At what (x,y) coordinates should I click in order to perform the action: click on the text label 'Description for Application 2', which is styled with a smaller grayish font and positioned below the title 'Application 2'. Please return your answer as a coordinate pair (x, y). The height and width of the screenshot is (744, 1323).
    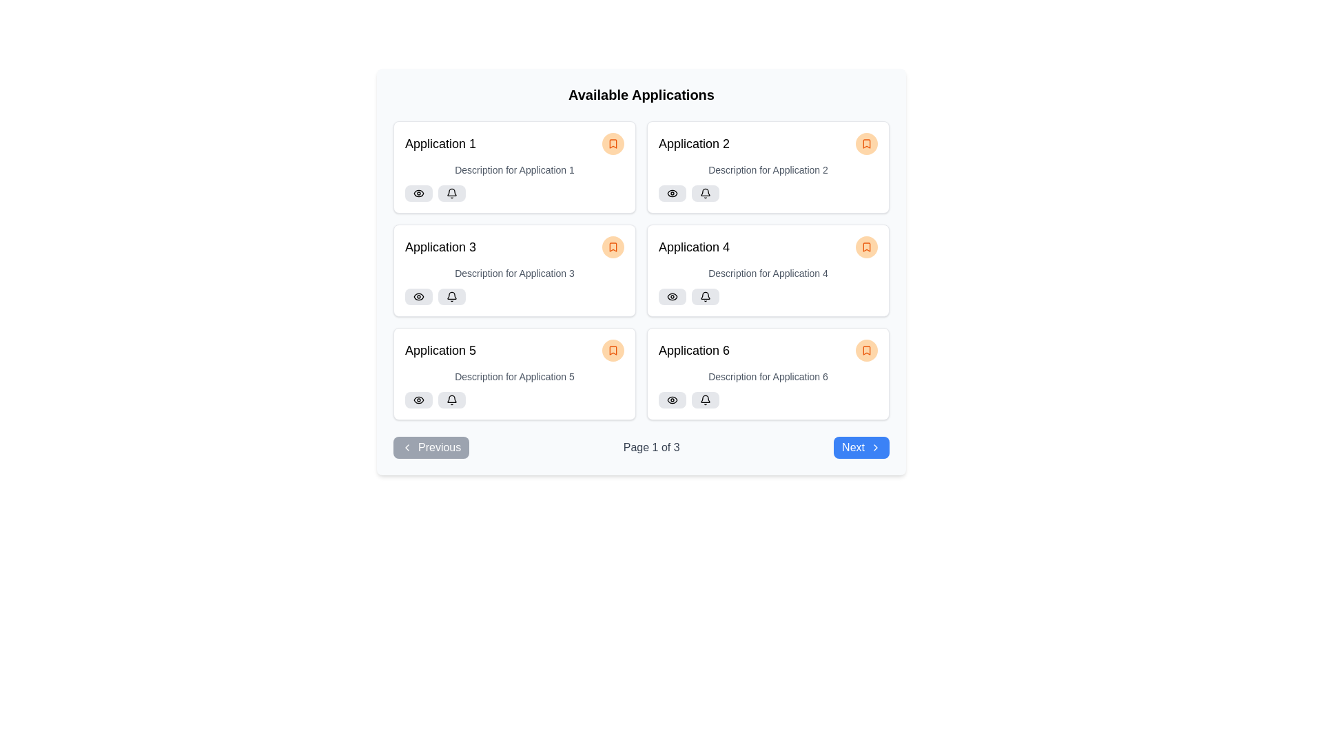
    Looking at the image, I should click on (767, 169).